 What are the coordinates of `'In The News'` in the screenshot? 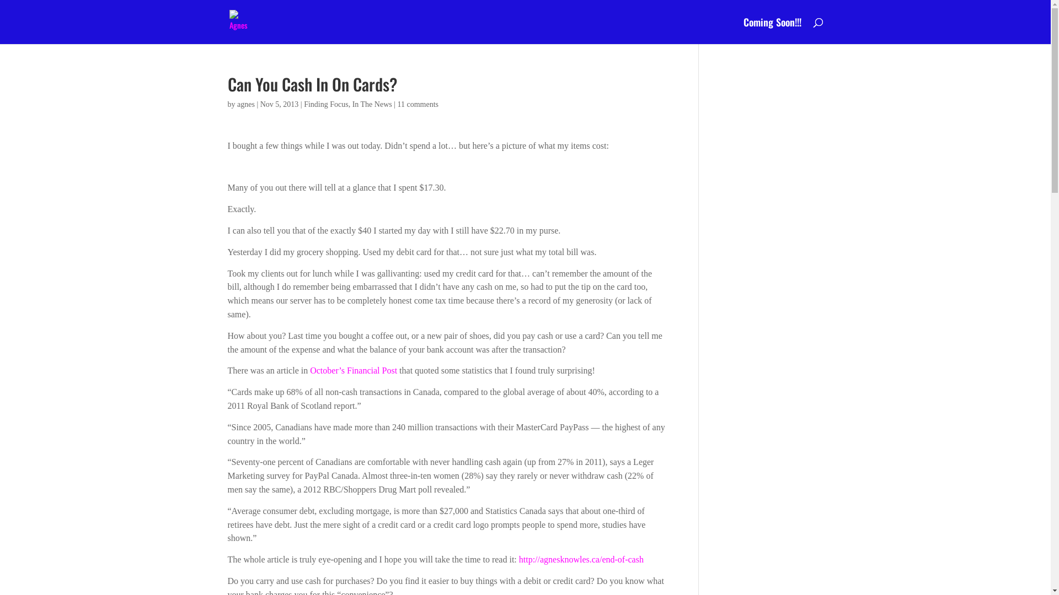 It's located at (372, 104).